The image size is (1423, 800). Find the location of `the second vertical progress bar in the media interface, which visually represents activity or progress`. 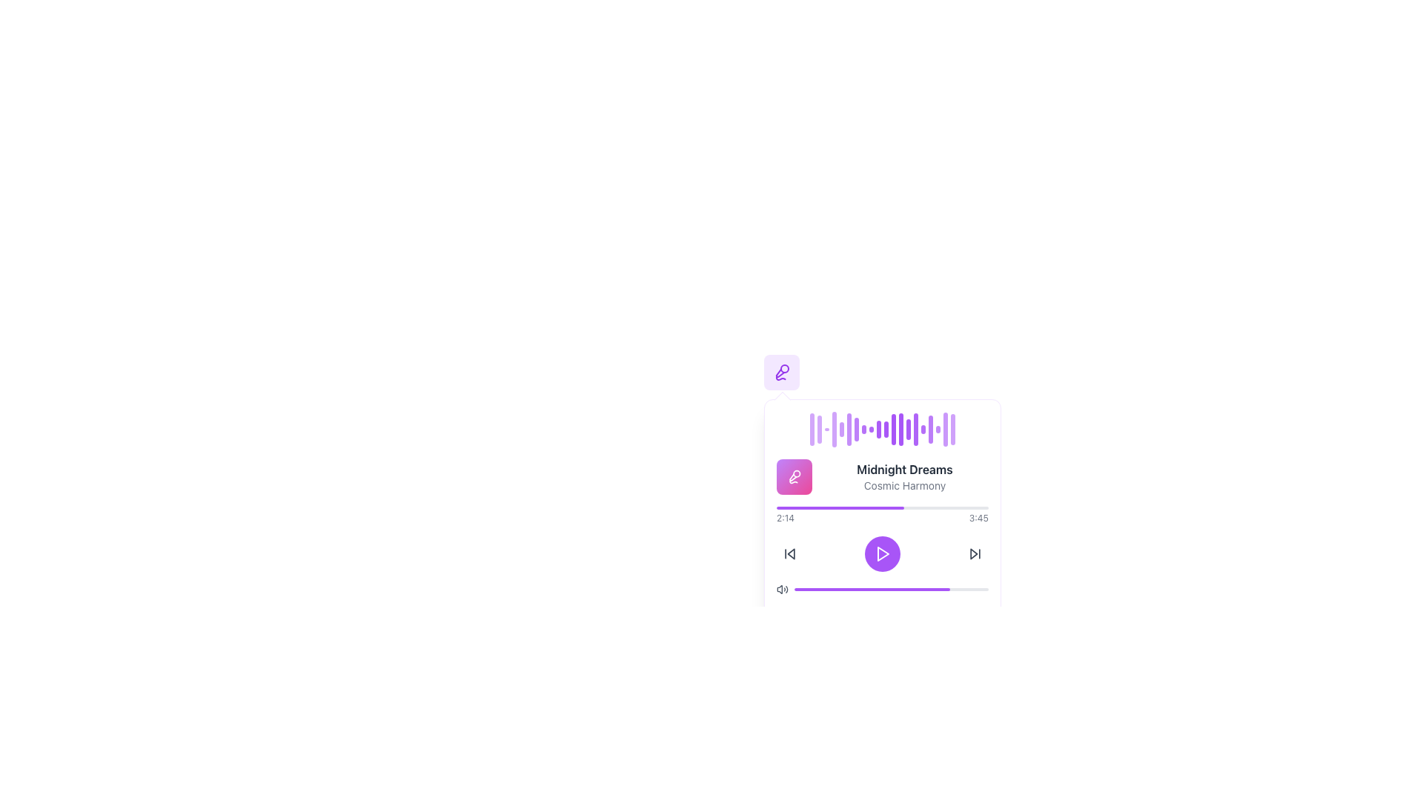

the second vertical progress bar in the media interface, which visually represents activity or progress is located at coordinates (818, 428).